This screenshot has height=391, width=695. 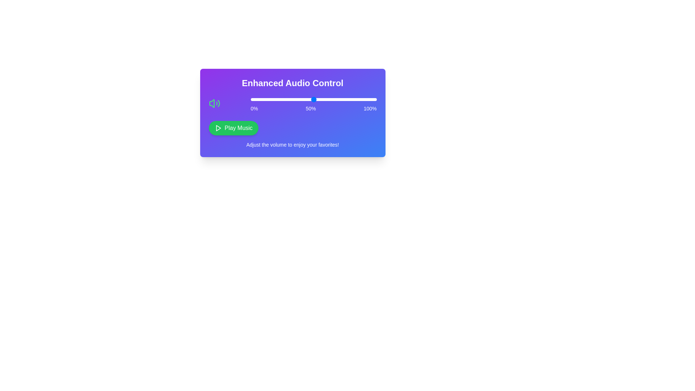 What do you see at coordinates (268, 99) in the screenshot?
I see `the slider to set the volume to 14%` at bounding box center [268, 99].